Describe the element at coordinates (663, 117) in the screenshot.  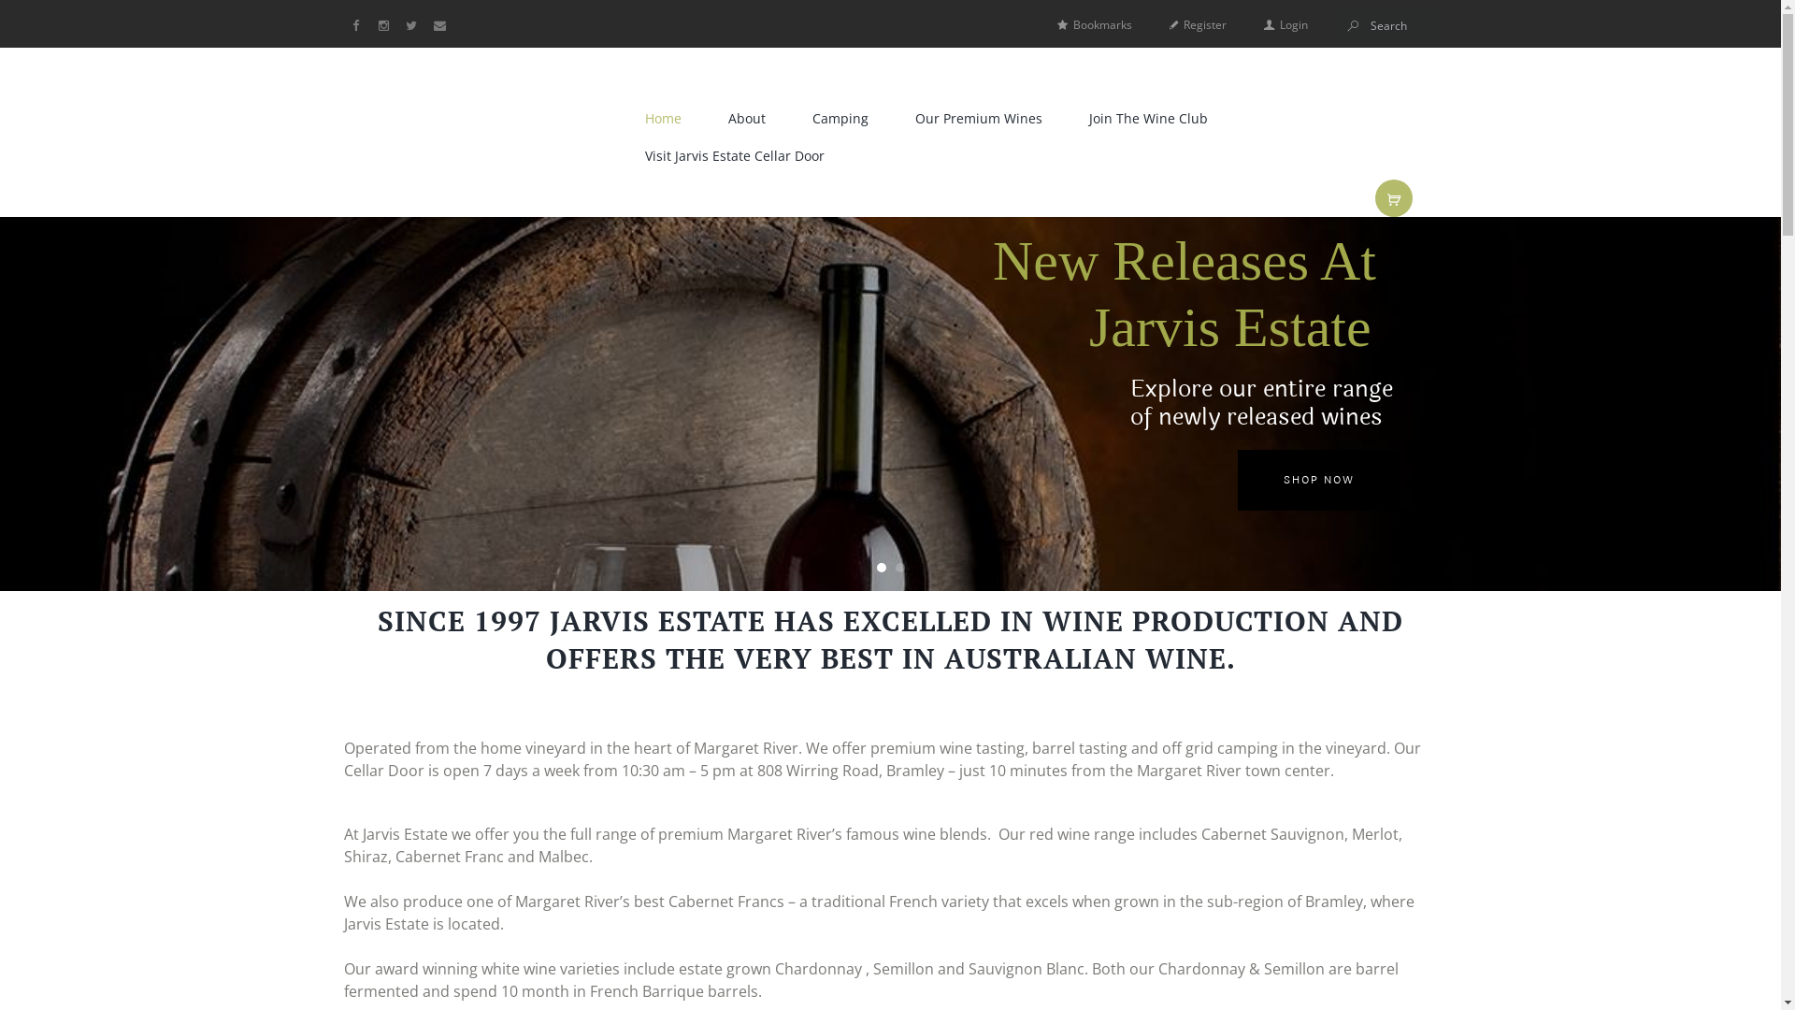
I see `'Home'` at that location.